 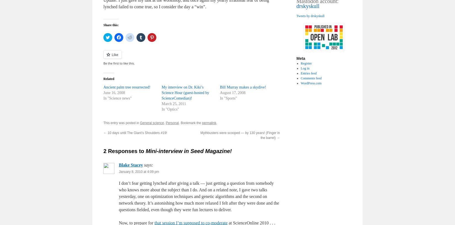 What do you see at coordinates (109, 79) in the screenshot?
I see `'Related'` at bounding box center [109, 79].